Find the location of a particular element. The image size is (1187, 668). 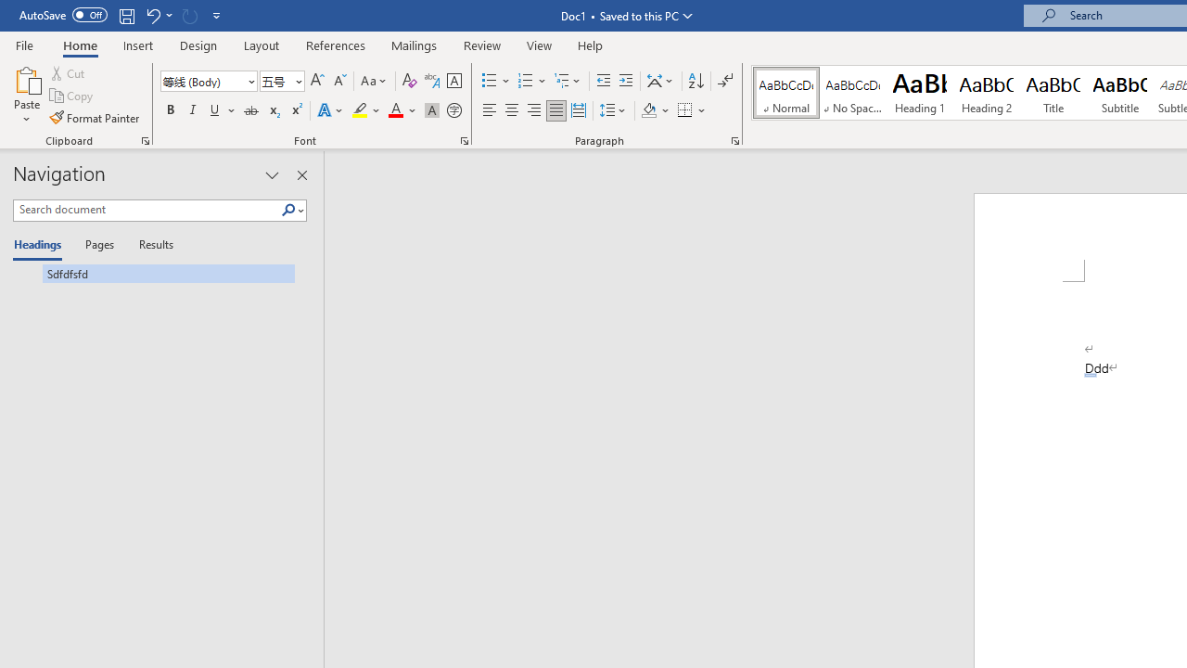

'Numbering' is located at coordinates (525, 80).